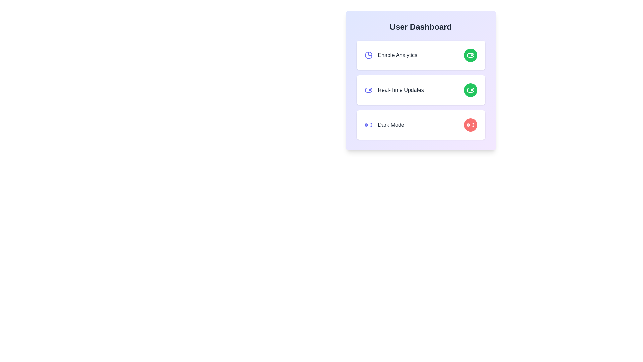 The image size is (643, 362). Describe the element at coordinates (420, 80) in the screenshot. I see `the green button located on the right side of the 'Real-Time Updates' Informational Card, which is the second card in the vertical stack within the 'User Dashboard' section` at that location.